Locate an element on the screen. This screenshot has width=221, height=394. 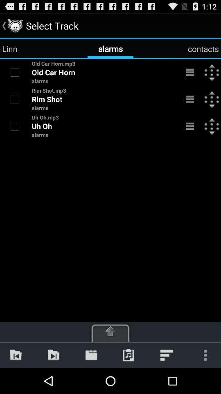
alarm is located at coordinates (15, 126).